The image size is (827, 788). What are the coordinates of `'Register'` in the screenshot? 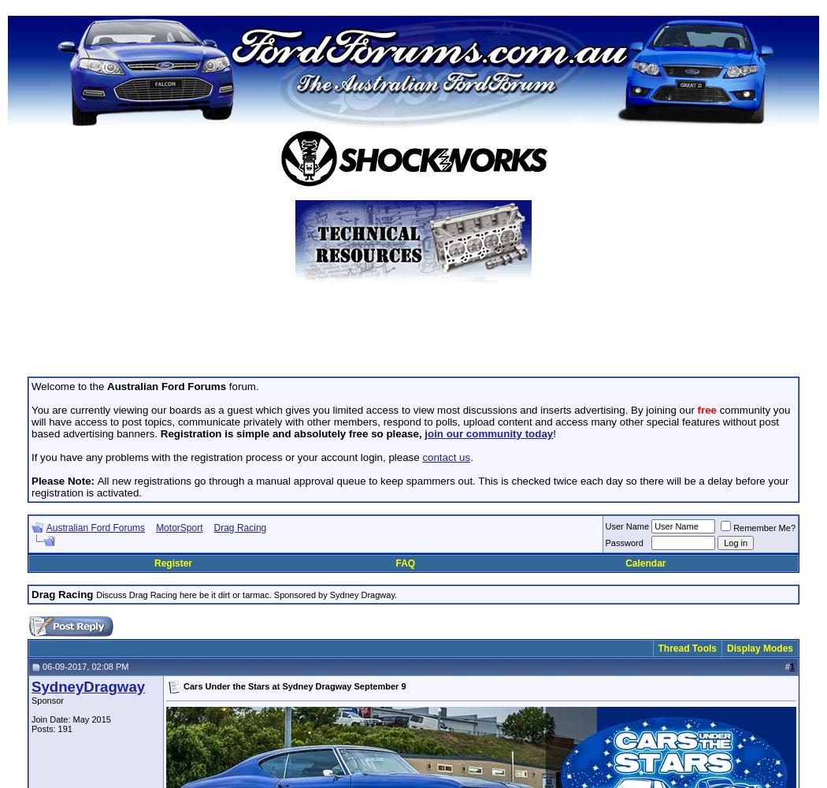 It's located at (172, 563).